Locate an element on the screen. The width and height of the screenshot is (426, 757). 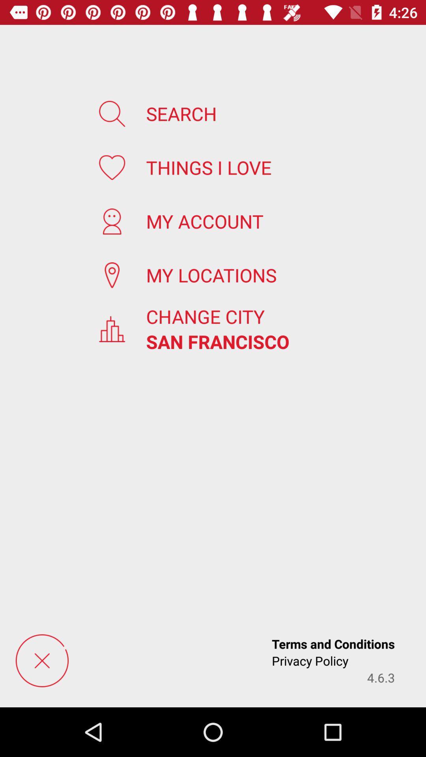
the icon above my locations item is located at coordinates (204, 221).